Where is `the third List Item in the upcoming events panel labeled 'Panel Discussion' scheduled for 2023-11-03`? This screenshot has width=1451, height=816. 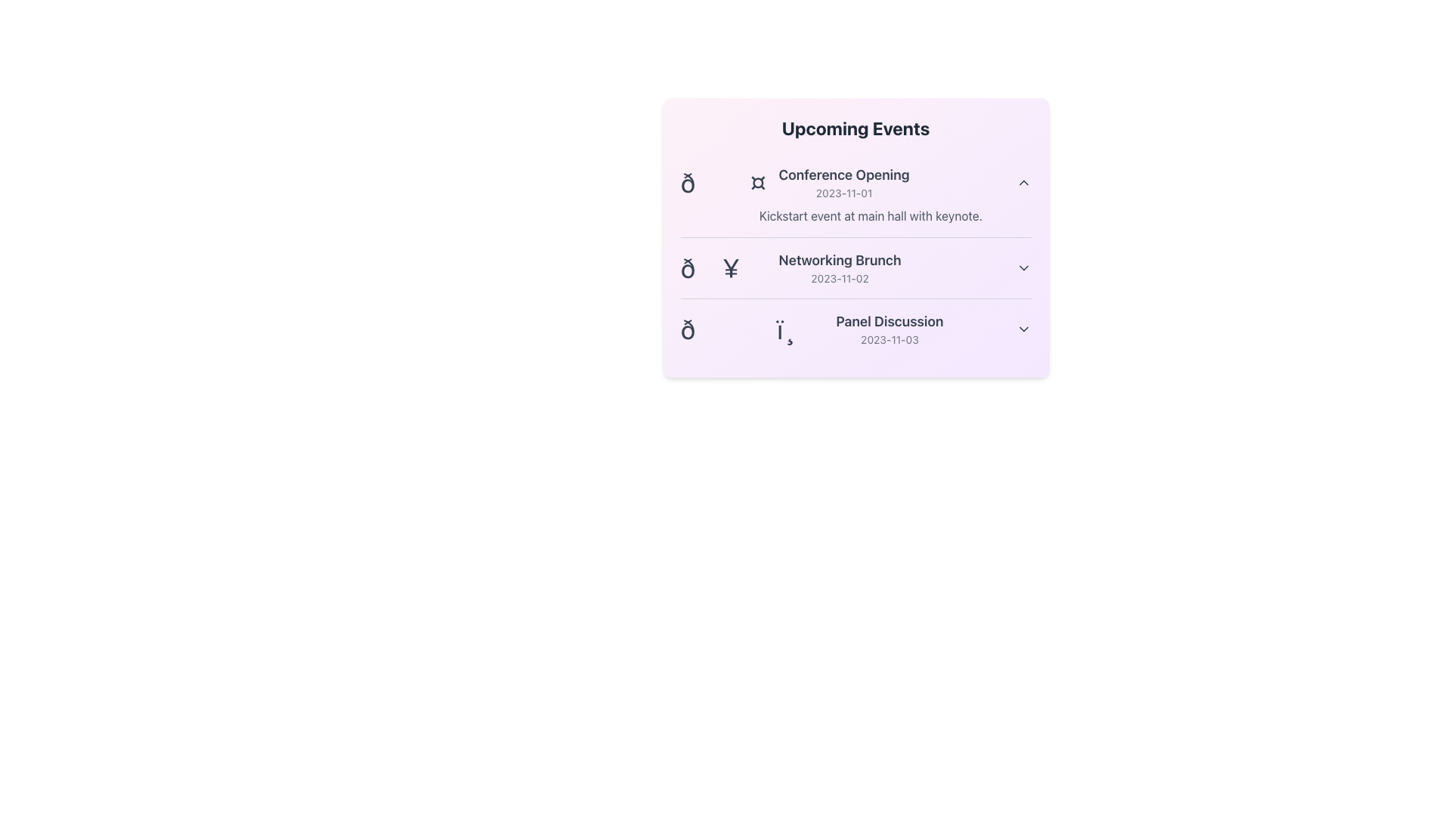 the third List Item in the upcoming events panel labeled 'Panel Discussion' scheduled for 2023-11-03 is located at coordinates (811, 328).